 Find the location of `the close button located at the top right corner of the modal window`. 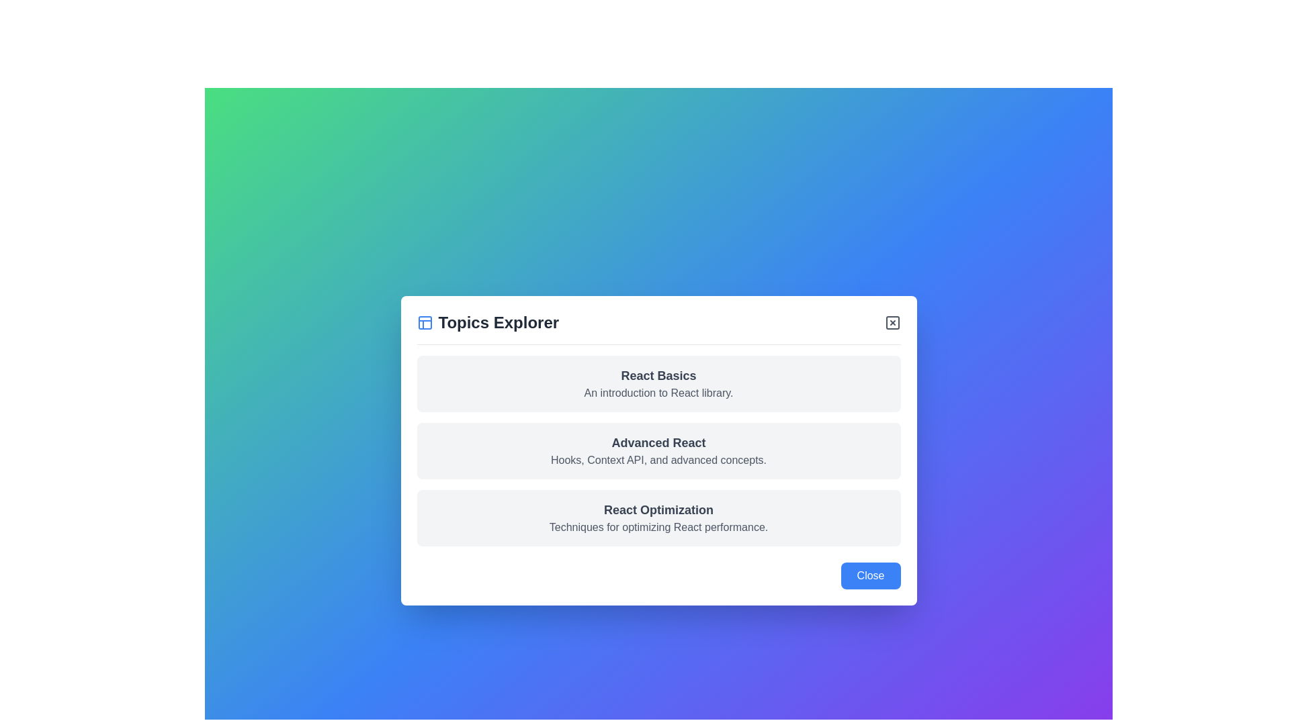

the close button located at the top right corner of the modal window is located at coordinates (892, 322).